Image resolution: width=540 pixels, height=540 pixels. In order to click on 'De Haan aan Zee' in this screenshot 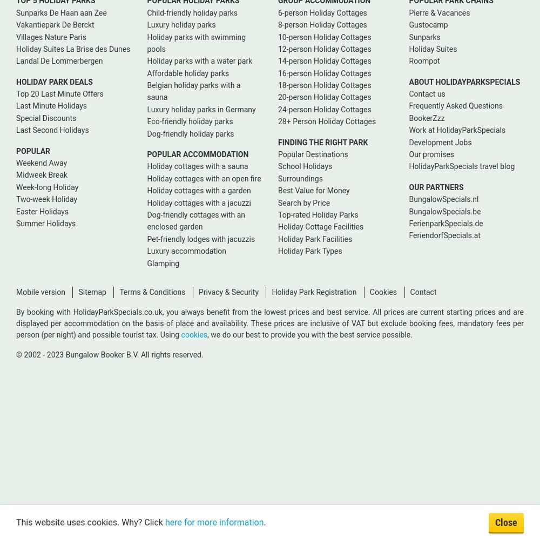, I will do `click(78, 12)`.